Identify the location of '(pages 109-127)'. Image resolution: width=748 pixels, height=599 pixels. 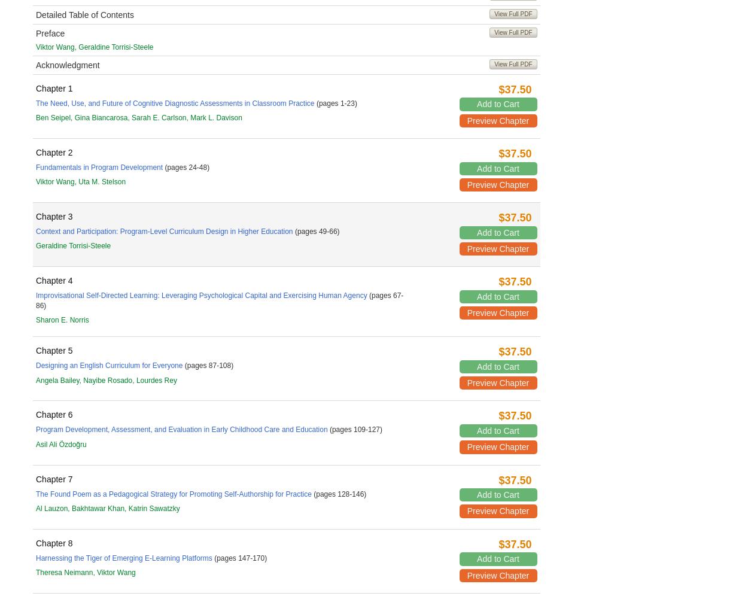
(354, 430).